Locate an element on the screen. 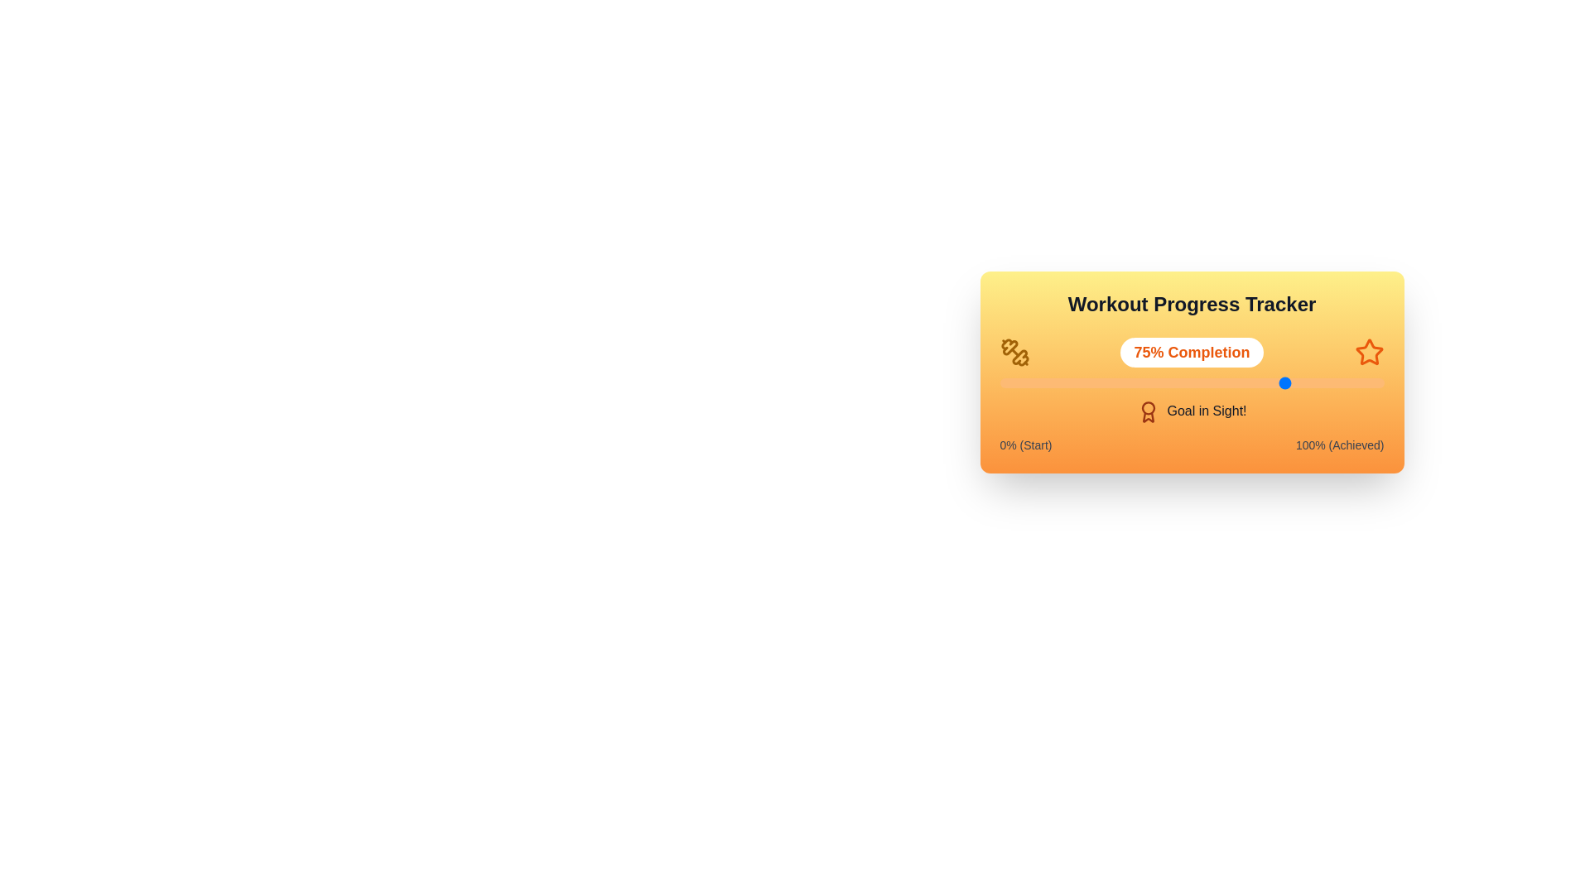 The height and width of the screenshot is (894, 1590). the progress slider to 78% is located at coordinates (1298, 382).